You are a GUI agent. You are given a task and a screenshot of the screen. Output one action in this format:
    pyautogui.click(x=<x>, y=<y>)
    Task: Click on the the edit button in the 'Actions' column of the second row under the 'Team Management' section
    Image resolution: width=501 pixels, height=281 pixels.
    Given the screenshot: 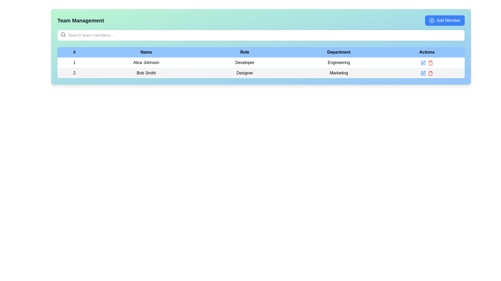 What is the action you would take?
    pyautogui.click(x=423, y=73)
    